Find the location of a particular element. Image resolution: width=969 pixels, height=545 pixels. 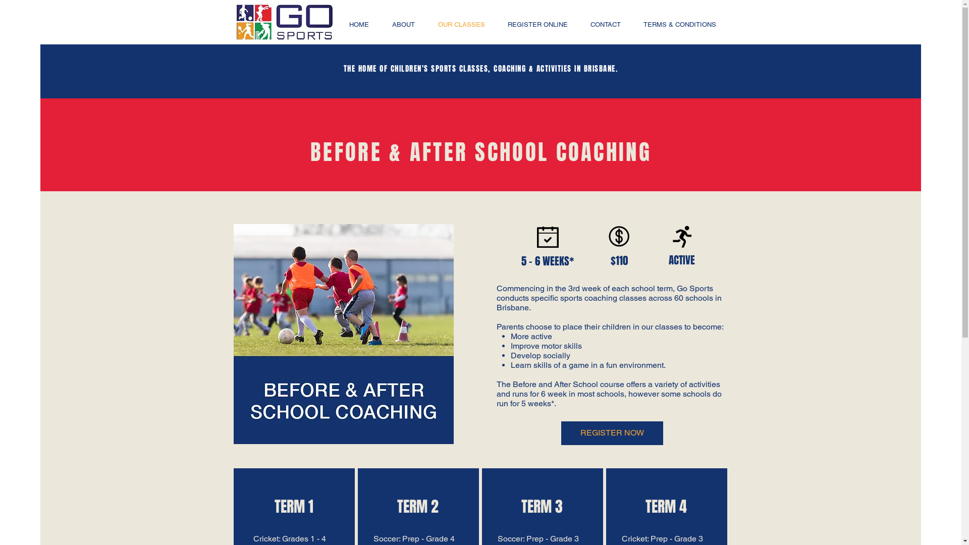

'TERMS & CONDITIONS' is located at coordinates (679, 24).